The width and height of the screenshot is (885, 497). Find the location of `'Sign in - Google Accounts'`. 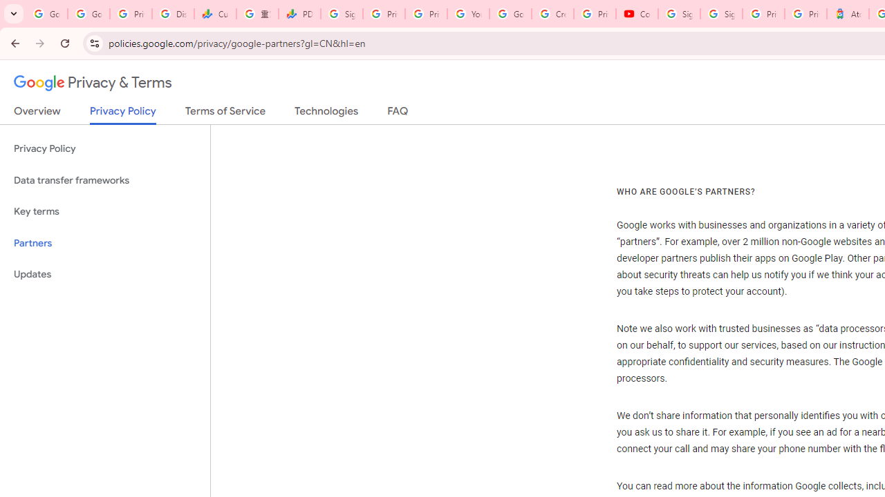

'Sign in - Google Accounts' is located at coordinates (679, 14).